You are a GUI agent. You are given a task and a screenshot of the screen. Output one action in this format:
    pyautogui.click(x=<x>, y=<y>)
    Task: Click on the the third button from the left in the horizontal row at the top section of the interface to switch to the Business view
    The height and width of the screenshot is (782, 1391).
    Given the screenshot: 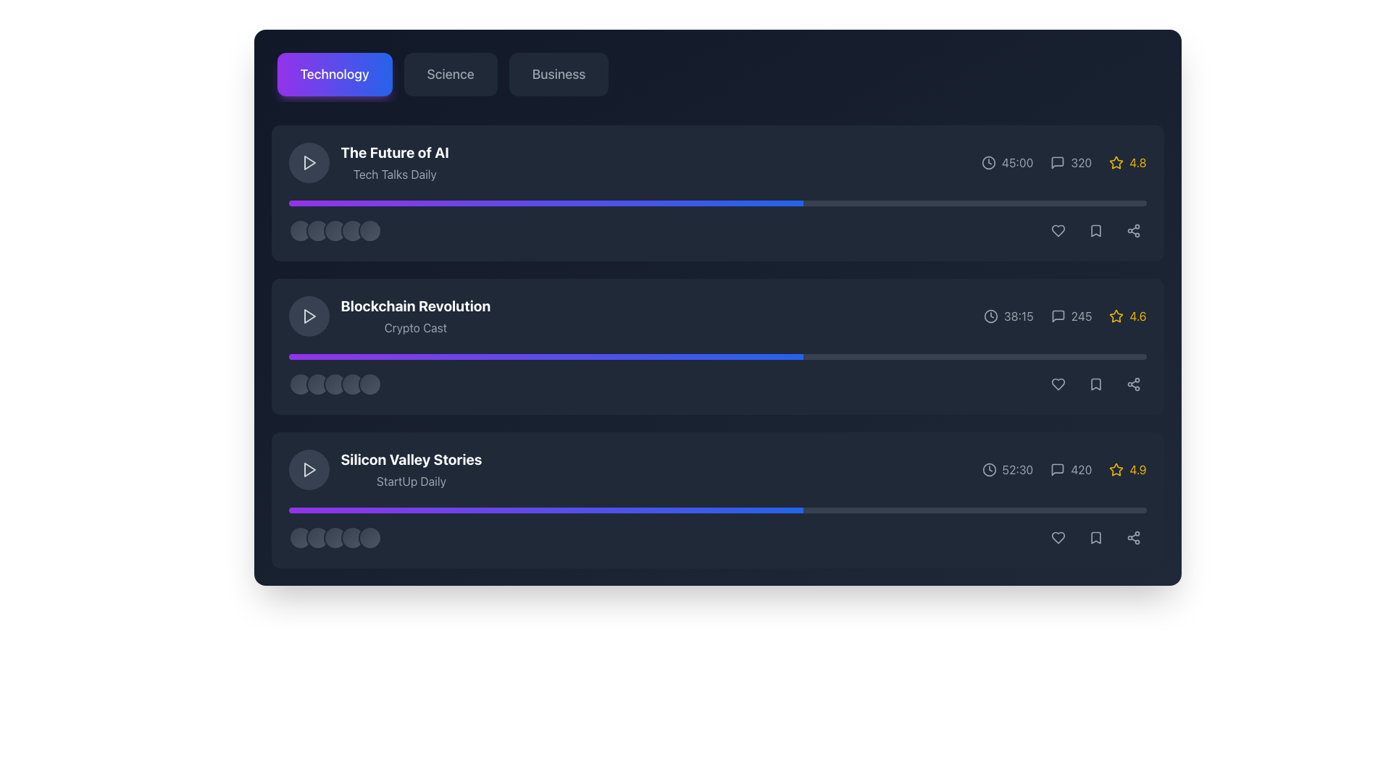 What is the action you would take?
    pyautogui.click(x=558, y=75)
    